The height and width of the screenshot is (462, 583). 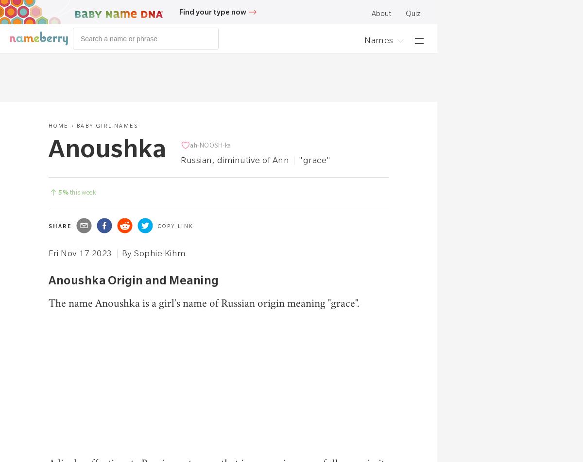 What do you see at coordinates (80, 253) in the screenshot?
I see `'Fri Nov 17 2023'` at bounding box center [80, 253].